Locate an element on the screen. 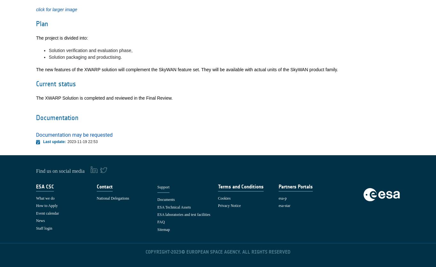 The width and height of the screenshot is (436, 267). 'The project is divided into:' is located at coordinates (36, 37).